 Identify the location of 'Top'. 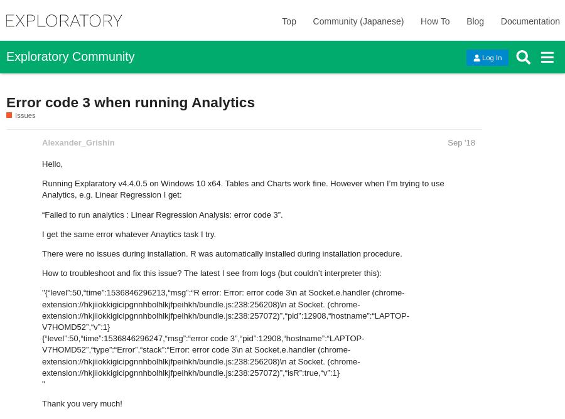
(288, 21).